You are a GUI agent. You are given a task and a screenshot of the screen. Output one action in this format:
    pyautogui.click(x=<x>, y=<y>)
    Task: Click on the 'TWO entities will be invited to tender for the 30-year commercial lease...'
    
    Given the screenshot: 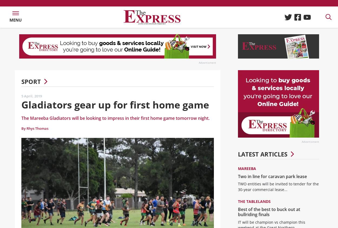 What is the action you would take?
    pyautogui.click(x=278, y=190)
    